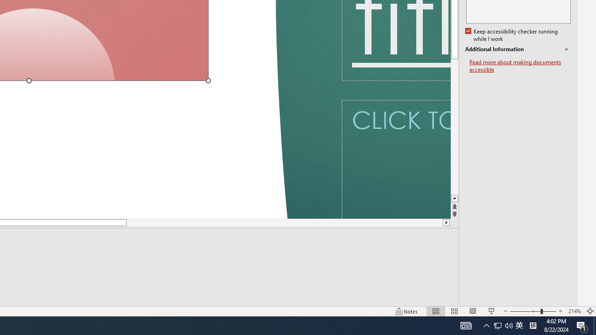 The height and width of the screenshot is (335, 596). Describe the element at coordinates (454, 198) in the screenshot. I see `'Line down'` at that location.